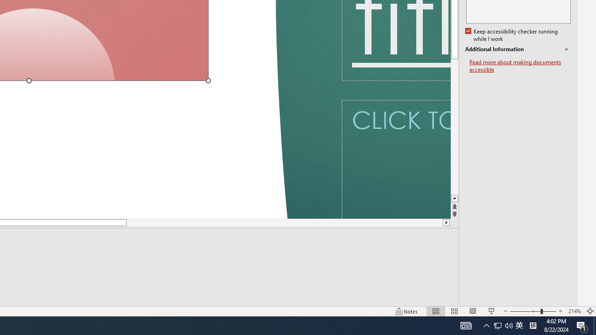 The height and width of the screenshot is (335, 596). Describe the element at coordinates (454, 198) in the screenshot. I see `'Line down'` at that location.